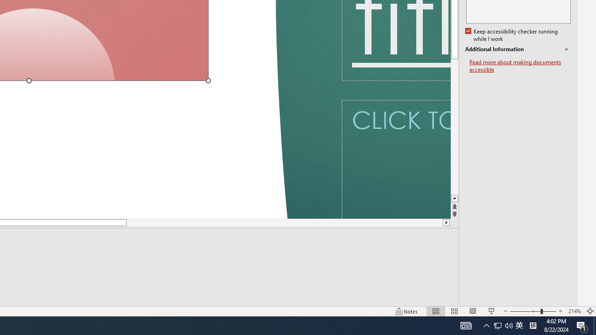 The height and width of the screenshot is (335, 596). Describe the element at coordinates (454, 198) in the screenshot. I see `'Line down'` at that location.